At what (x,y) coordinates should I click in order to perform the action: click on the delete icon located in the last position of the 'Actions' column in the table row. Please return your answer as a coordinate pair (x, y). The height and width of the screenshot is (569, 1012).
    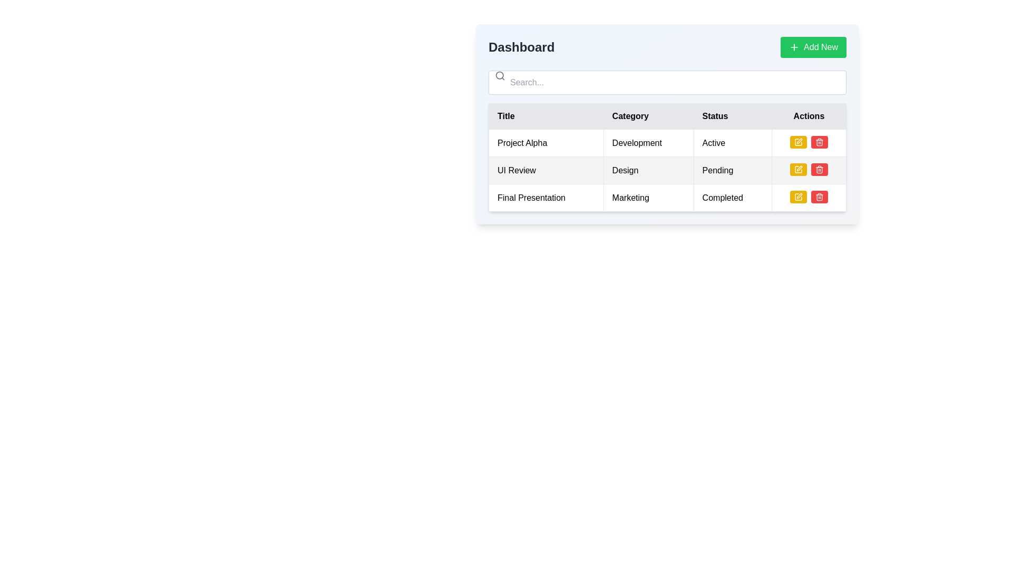
    Looking at the image, I should click on (819, 197).